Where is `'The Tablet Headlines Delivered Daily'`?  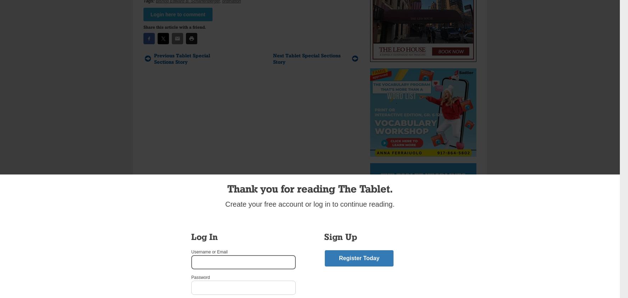
'The Tablet Headlines Delivered Daily' is located at coordinates (423, 179).